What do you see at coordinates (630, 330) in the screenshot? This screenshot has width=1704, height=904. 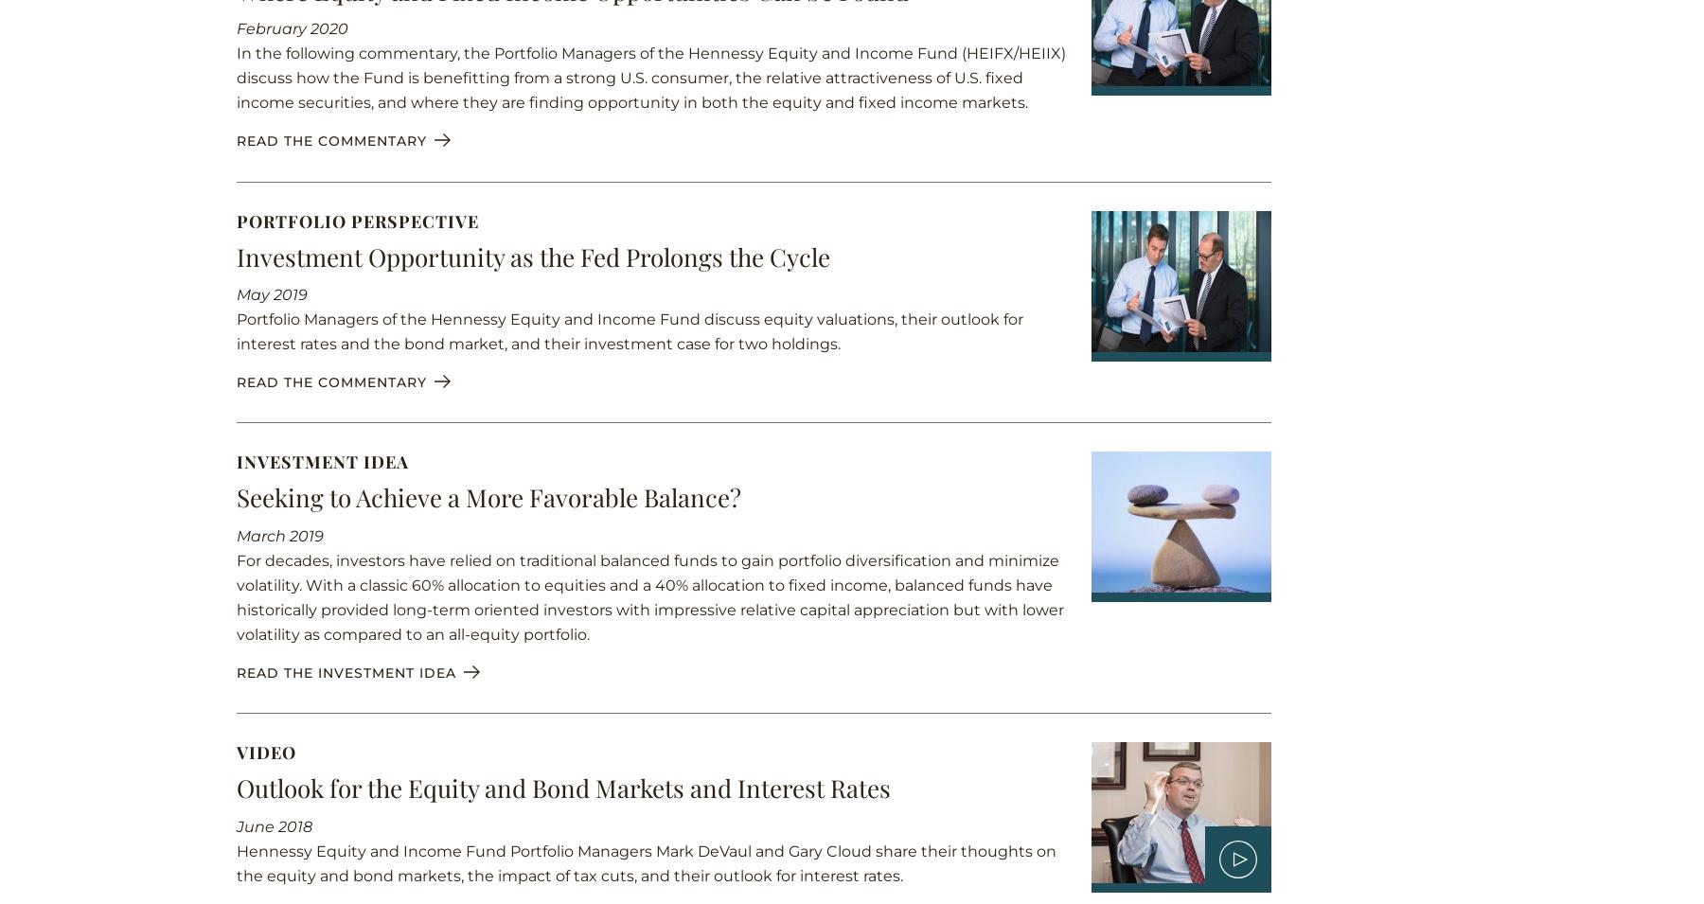 I see `'Portfolio Managers of the Hennessy Equity and Income Fund discuss equity valuations, their outlook for interest rates and the bond market, and their investment case for two holdings.'` at bounding box center [630, 330].